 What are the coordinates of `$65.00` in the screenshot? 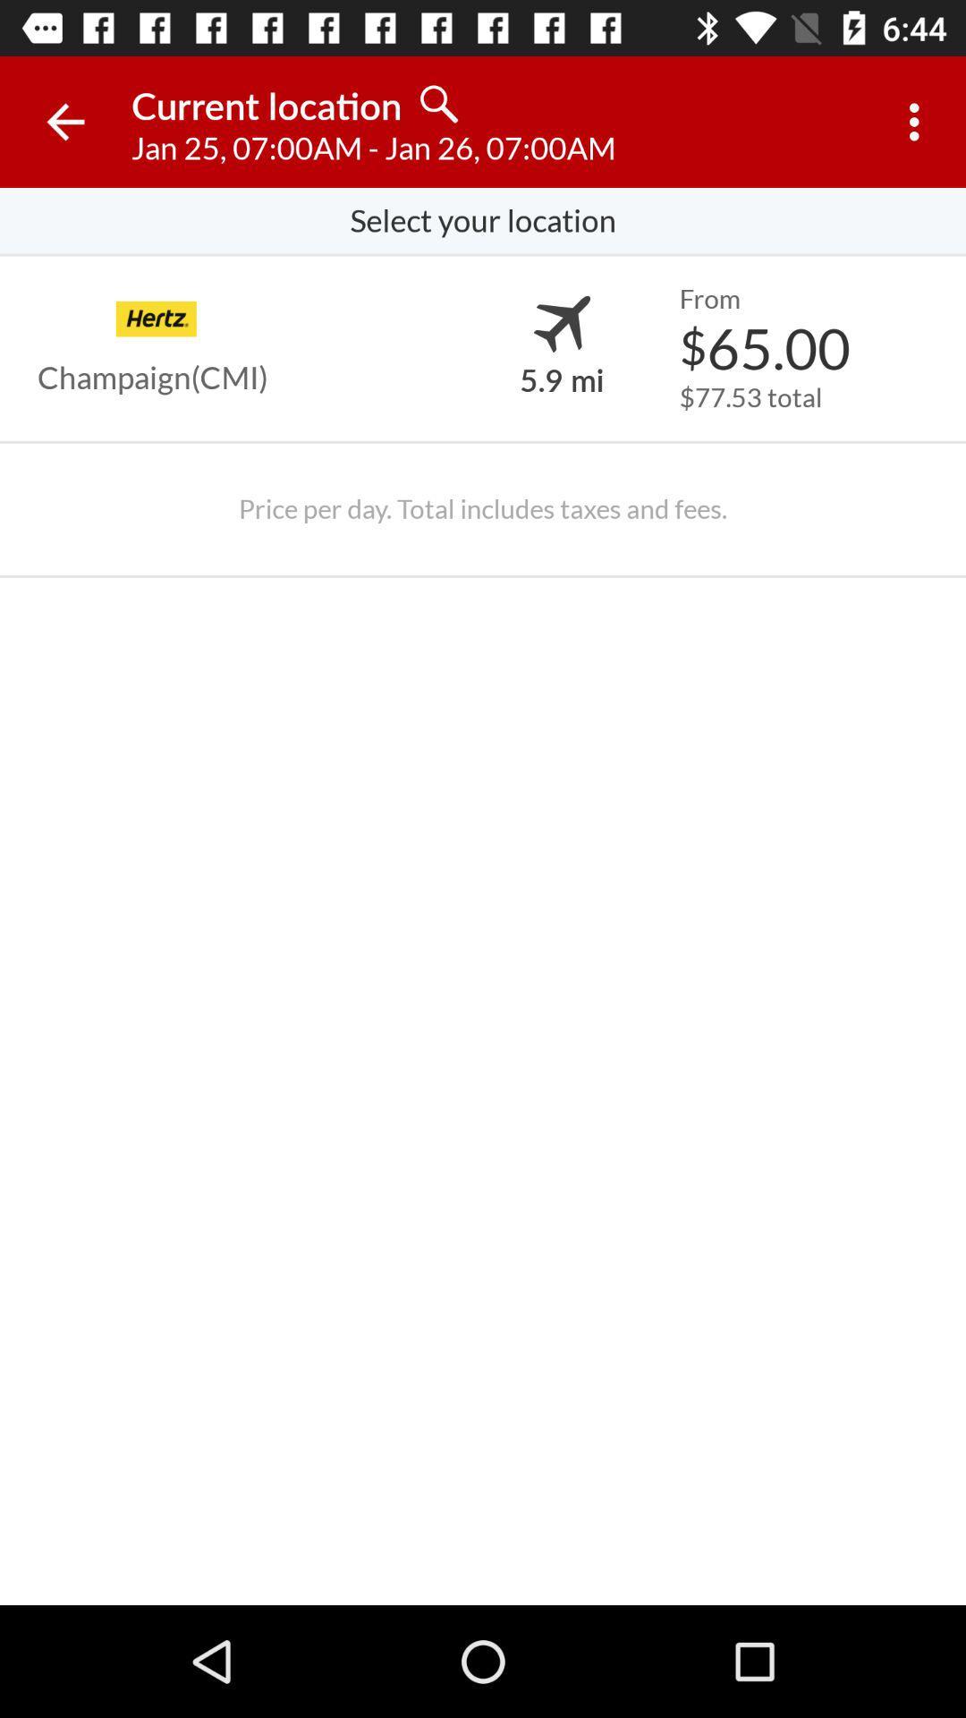 It's located at (765, 347).